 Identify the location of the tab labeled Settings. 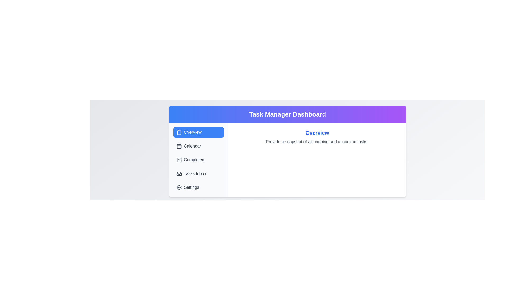
(198, 187).